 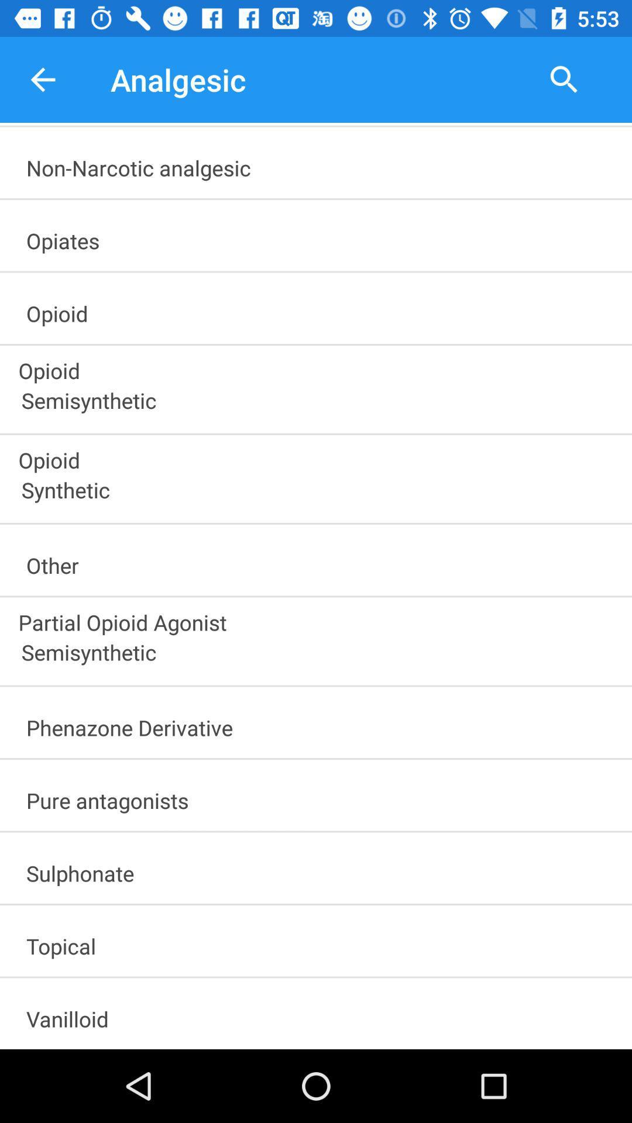 I want to click on item next to the analgesic icon, so click(x=42, y=79).